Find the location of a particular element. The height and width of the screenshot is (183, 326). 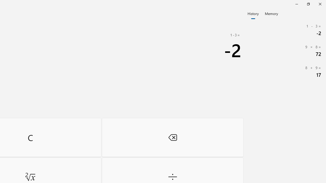

'Minimize Calculator' is located at coordinates (296, 4).